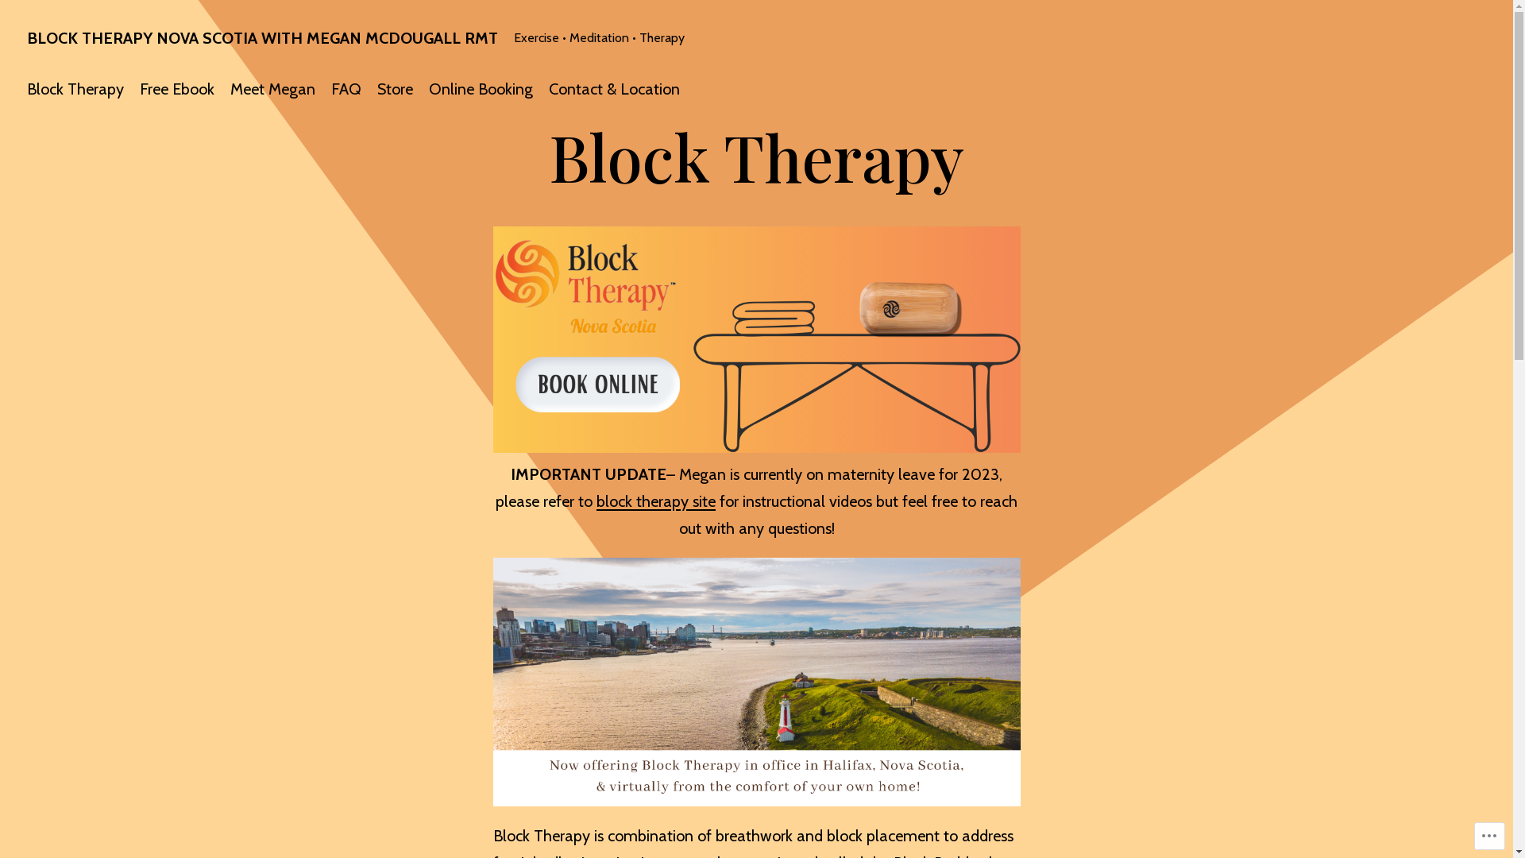  What do you see at coordinates (480, 88) in the screenshot?
I see `'Online Booking'` at bounding box center [480, 88].